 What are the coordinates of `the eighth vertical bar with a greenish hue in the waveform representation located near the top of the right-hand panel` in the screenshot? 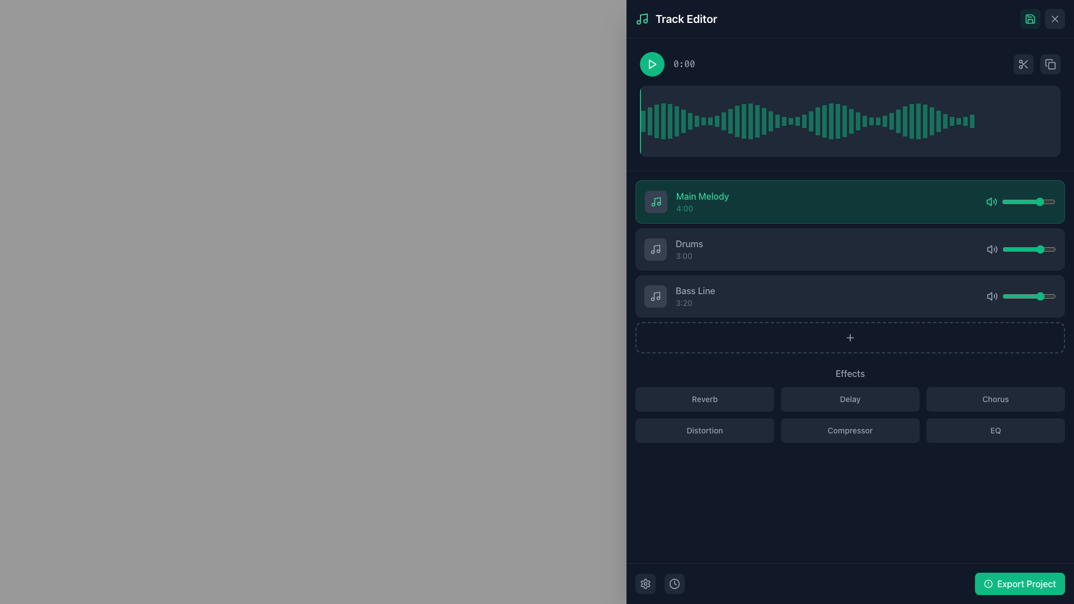 It's located at (689, 121).